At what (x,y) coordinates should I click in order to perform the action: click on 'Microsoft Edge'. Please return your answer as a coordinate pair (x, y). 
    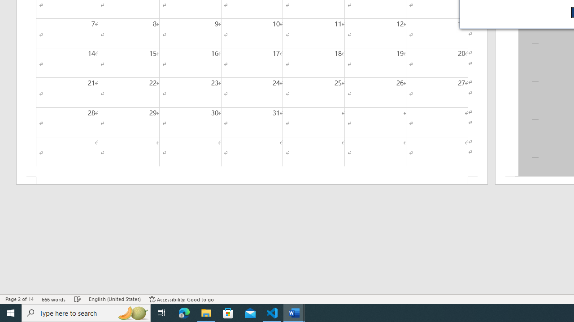
    Looking at the image, I should click on (184, 312).